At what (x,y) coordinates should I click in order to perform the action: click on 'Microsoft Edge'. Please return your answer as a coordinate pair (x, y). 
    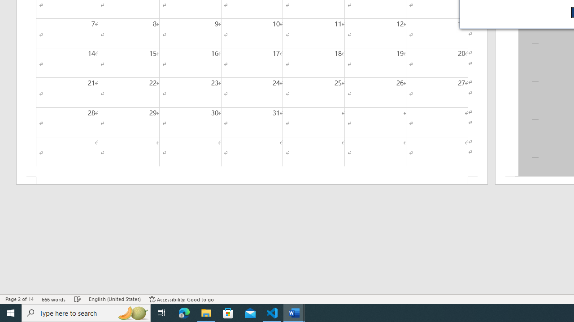
    Looking at the image, I should click on (184, 312).